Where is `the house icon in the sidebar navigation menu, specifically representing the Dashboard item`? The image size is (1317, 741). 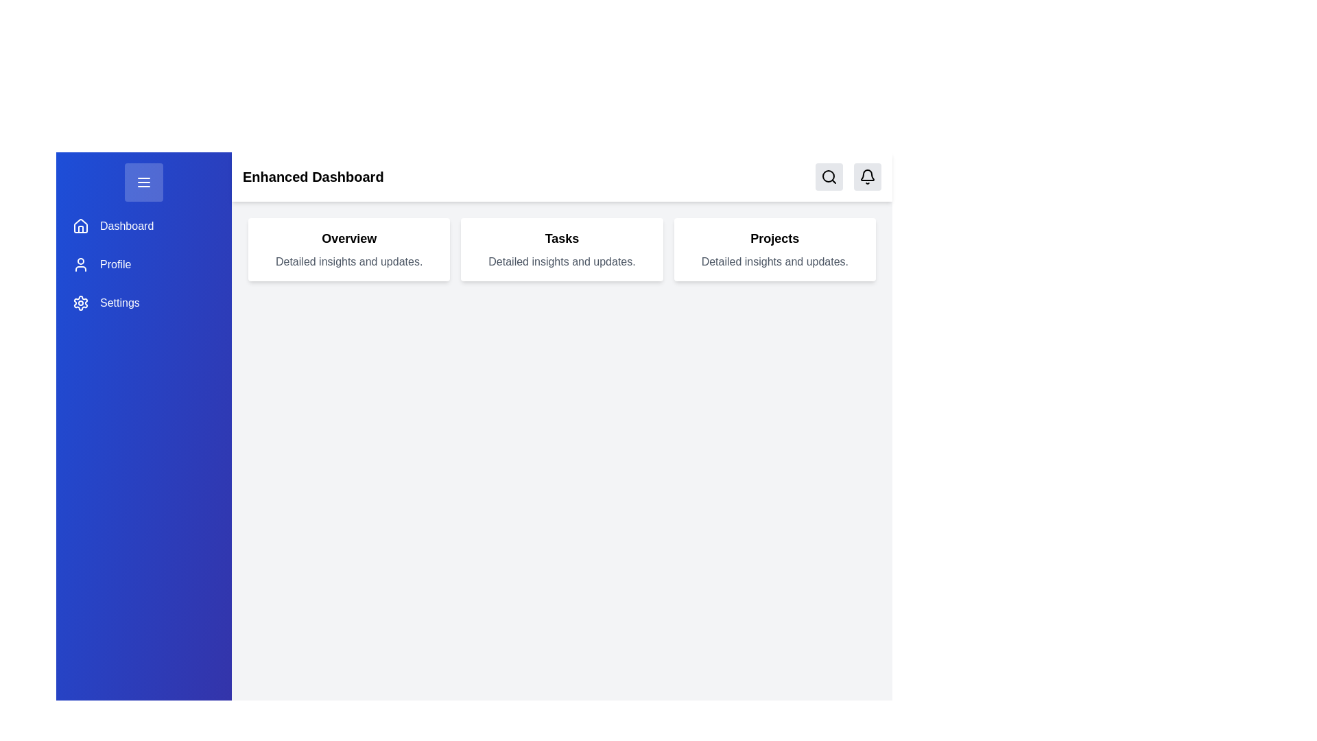
the house icon in the sidebar navigation menu, specifically representing the Dashboard item is located at coordinates (80, 228).